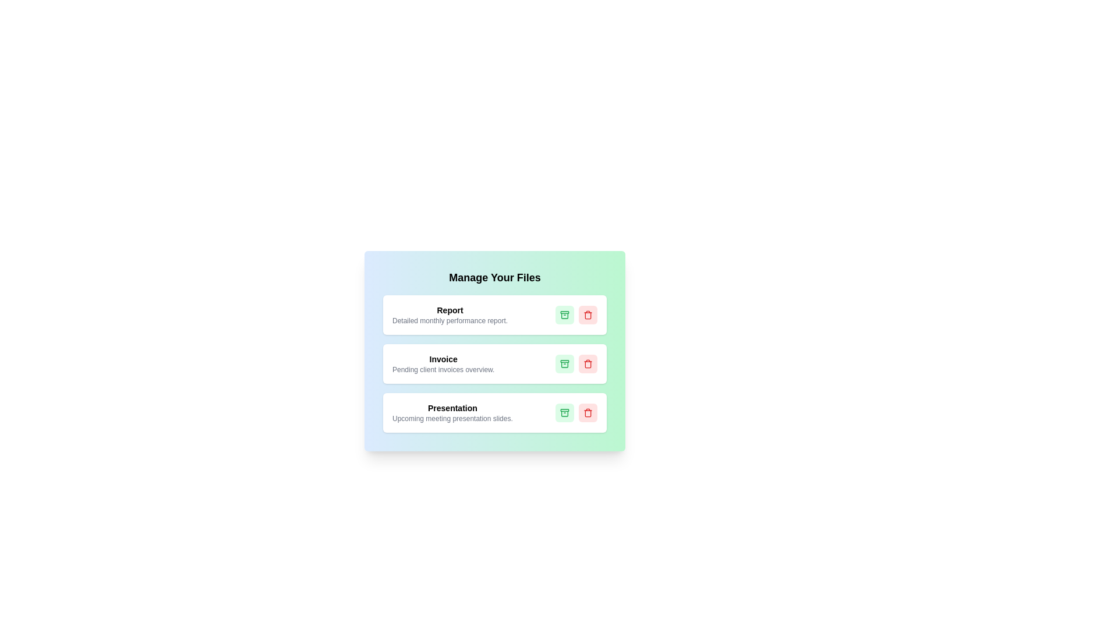  I want to click on archive button for the card titled 'Invoice', so click(564, 363).